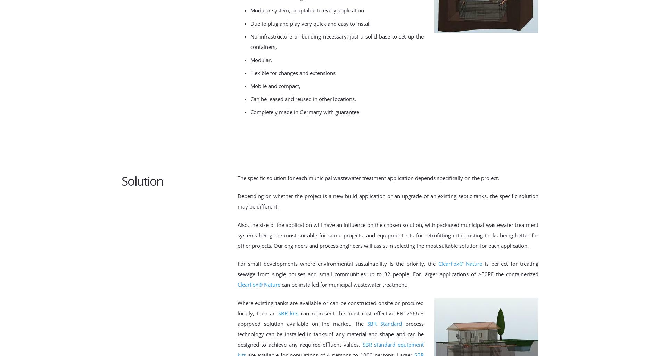 This screenshot has width=660, height=356. I want to click on 'Solution', so click(142, 180).